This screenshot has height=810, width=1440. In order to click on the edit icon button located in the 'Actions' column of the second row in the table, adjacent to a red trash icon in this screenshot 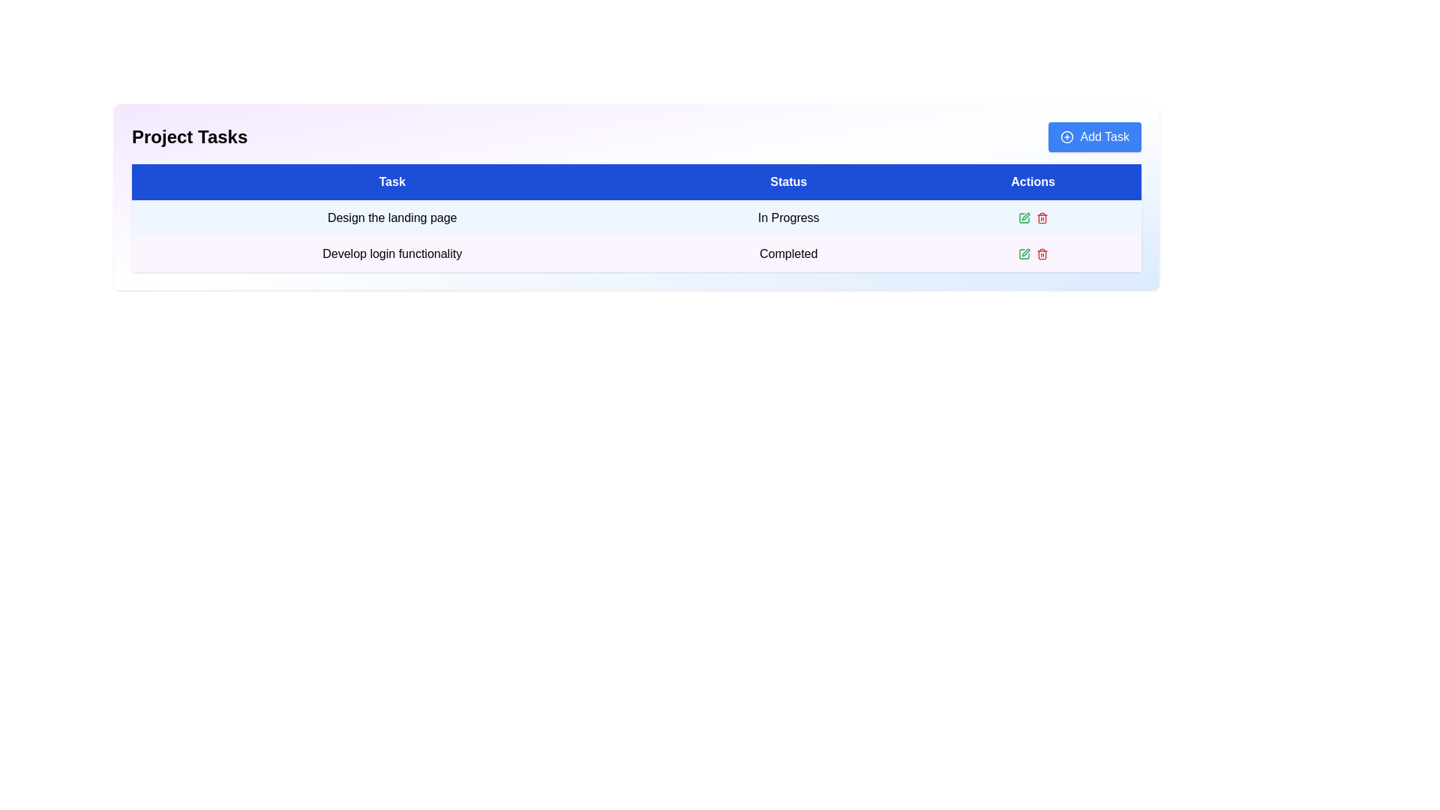, I will do `click(1023, 253)`.